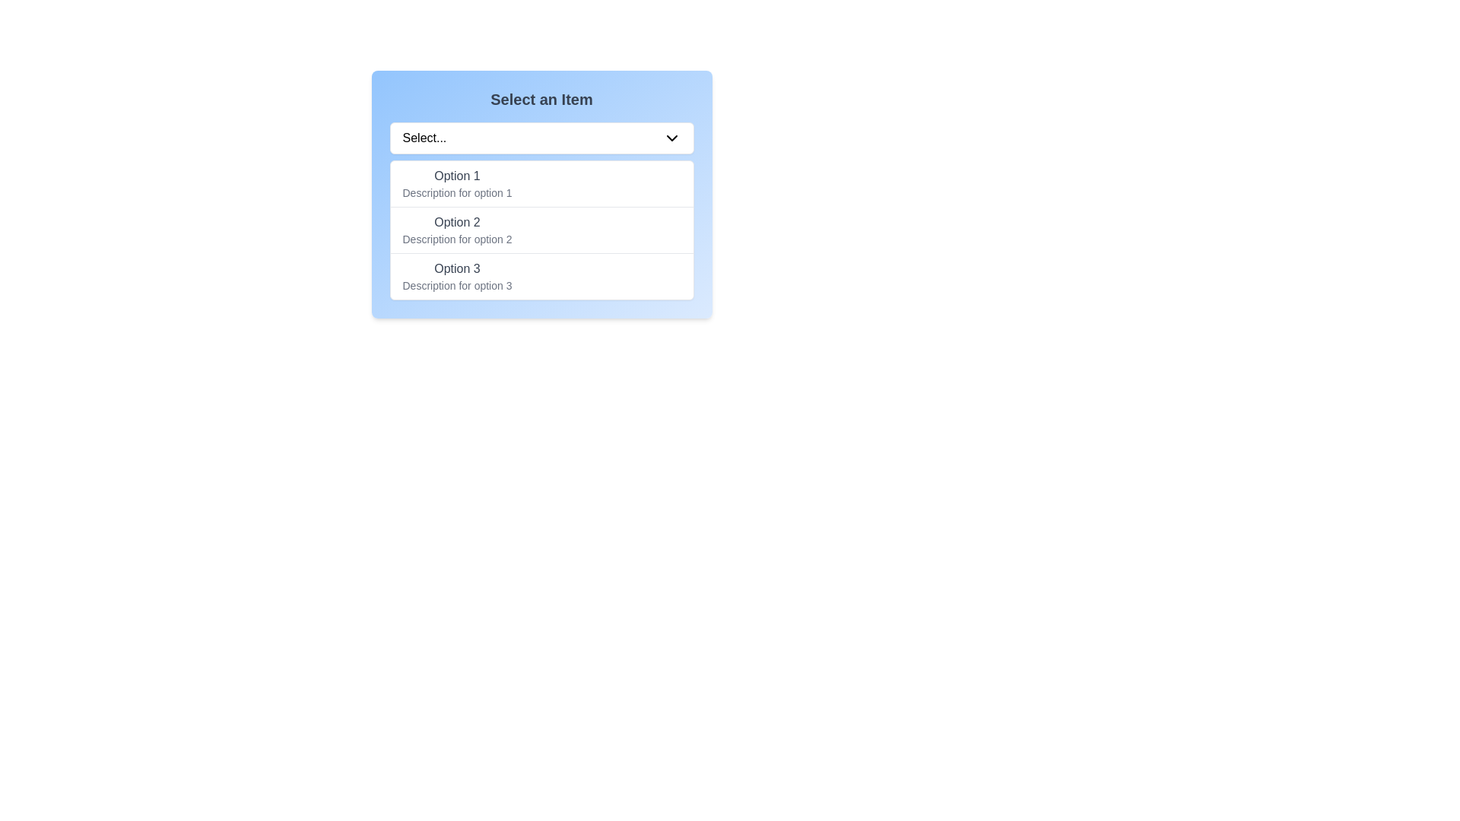 This screenshot has height=821, width=1460. Describe the element at coordinates (424, 138) in the screenshot. I see `the default label within the dropdown menu to focus or interact with it` at that location.